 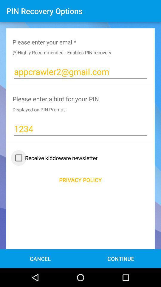 I want to click on the button continue at the bottom of the page, so click(x=121, y=258).